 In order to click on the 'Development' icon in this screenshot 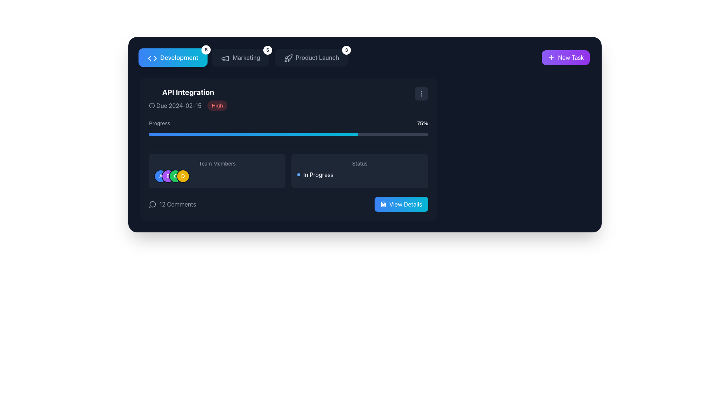, I will do `click(151, 57)`.